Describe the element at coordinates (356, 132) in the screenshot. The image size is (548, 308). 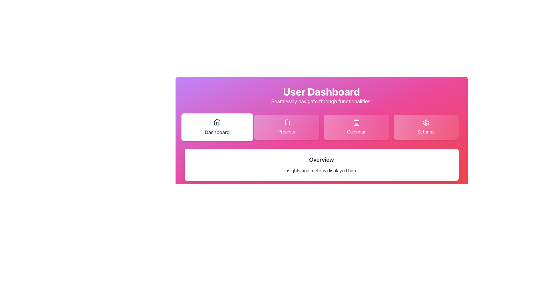
I see `the Text label that serves as the title for the calendar functionality, located at the bottom of the third card from the left in a row of four cards in the User Dashboard interface` at that location.